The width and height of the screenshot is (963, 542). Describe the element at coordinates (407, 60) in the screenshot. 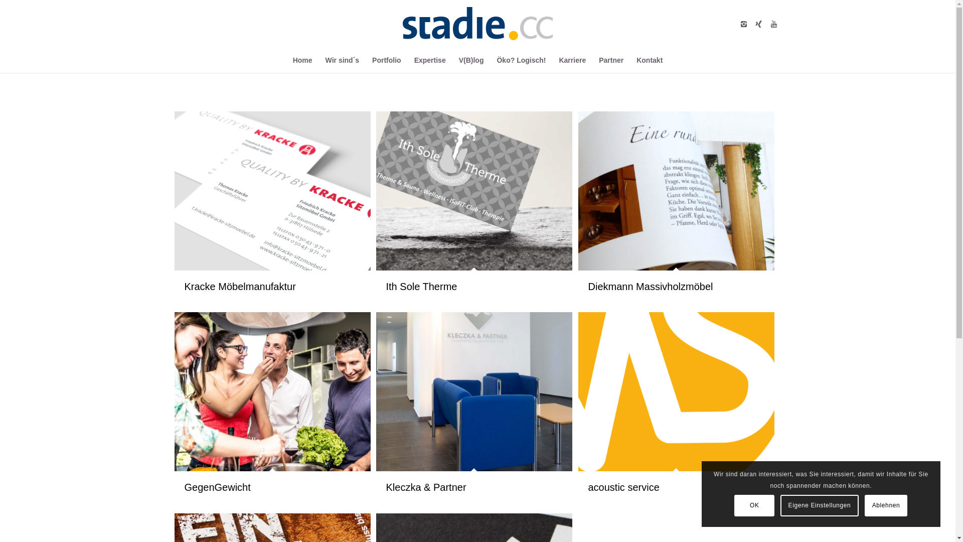

I see `'Expertise'` at that location.